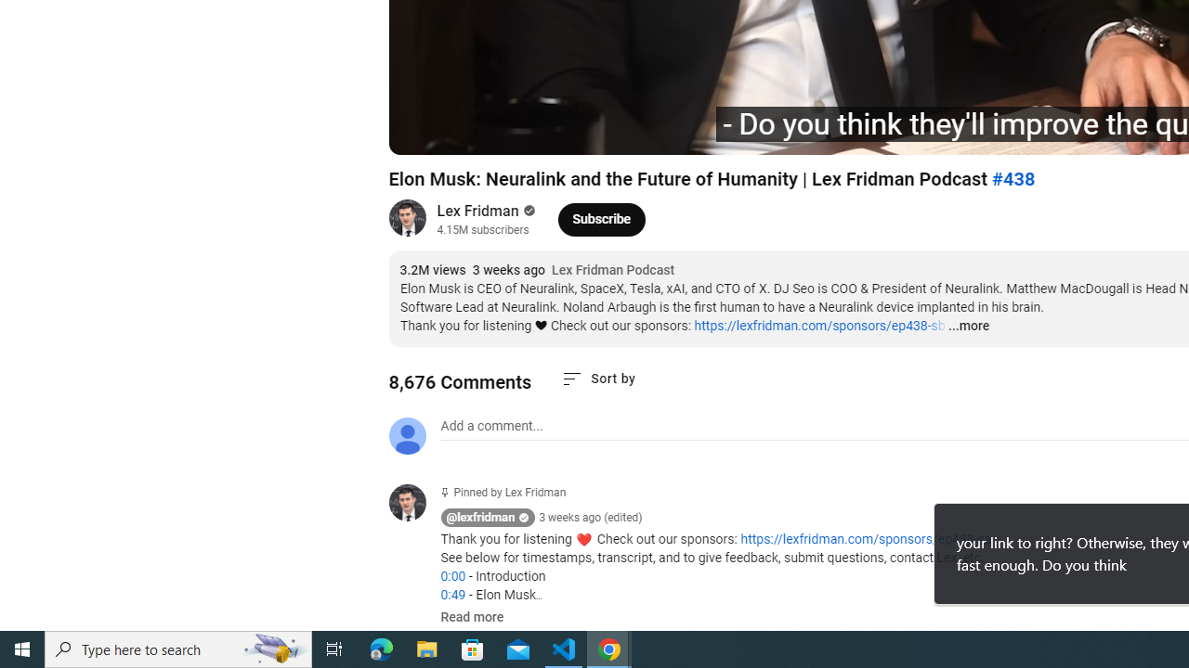 The height and width of the screenshot is (668, 1189). Describe the element at coordinates (613, 270) in the screenshot. I see `'Lex Fridman Podcast'` at that location.